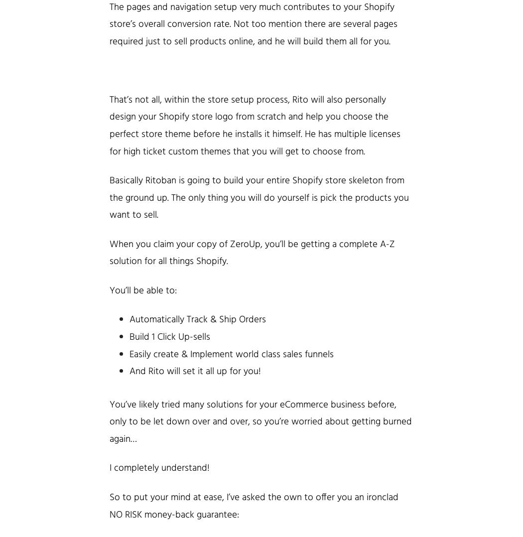 The height and width of the screenshot is (537, 523). I want to click on 'So to put your mind at ease, I’ve asked the own to offer you an ironclad NO RISK money-back', so click(253, 505).